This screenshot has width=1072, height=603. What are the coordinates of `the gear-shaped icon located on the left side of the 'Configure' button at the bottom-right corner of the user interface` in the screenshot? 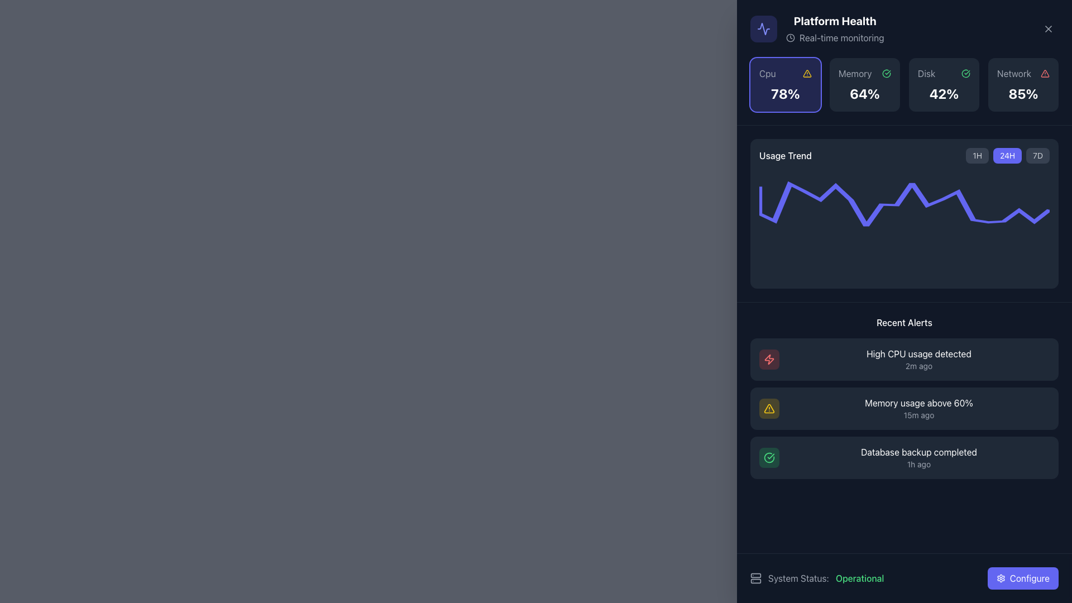 It's located at (1001, 578).